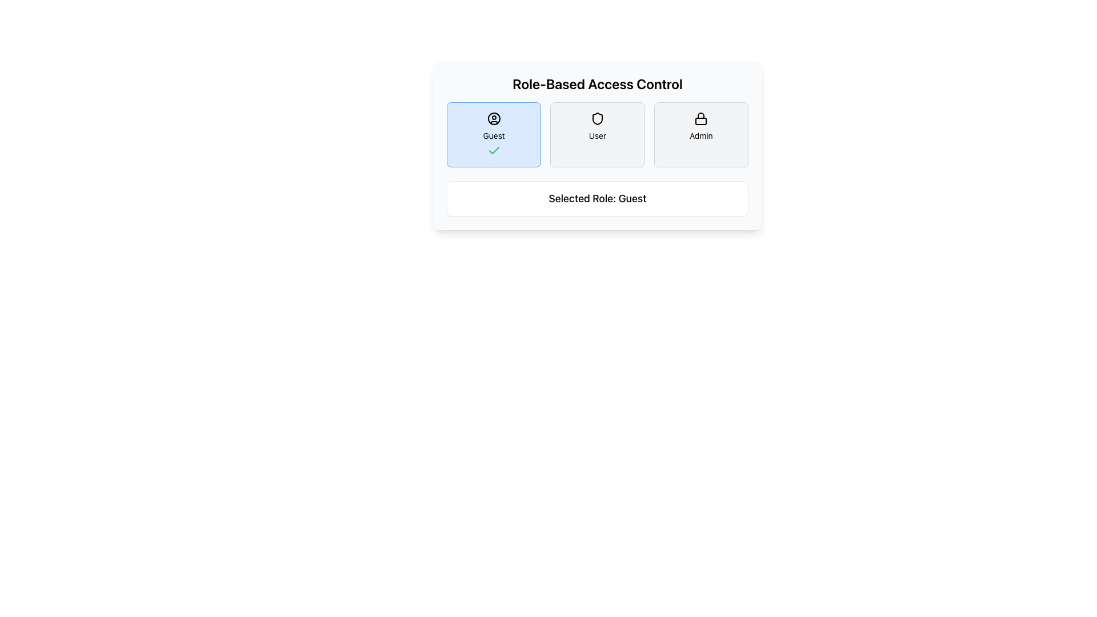 Image resolution: width=1097 pixels, height=617 pixels. I want to click on the appearance of the minimalistic black lock icon located at the top-center of the 'Admin' role card, positioned above the 'Admin' label, so click(700, 119).